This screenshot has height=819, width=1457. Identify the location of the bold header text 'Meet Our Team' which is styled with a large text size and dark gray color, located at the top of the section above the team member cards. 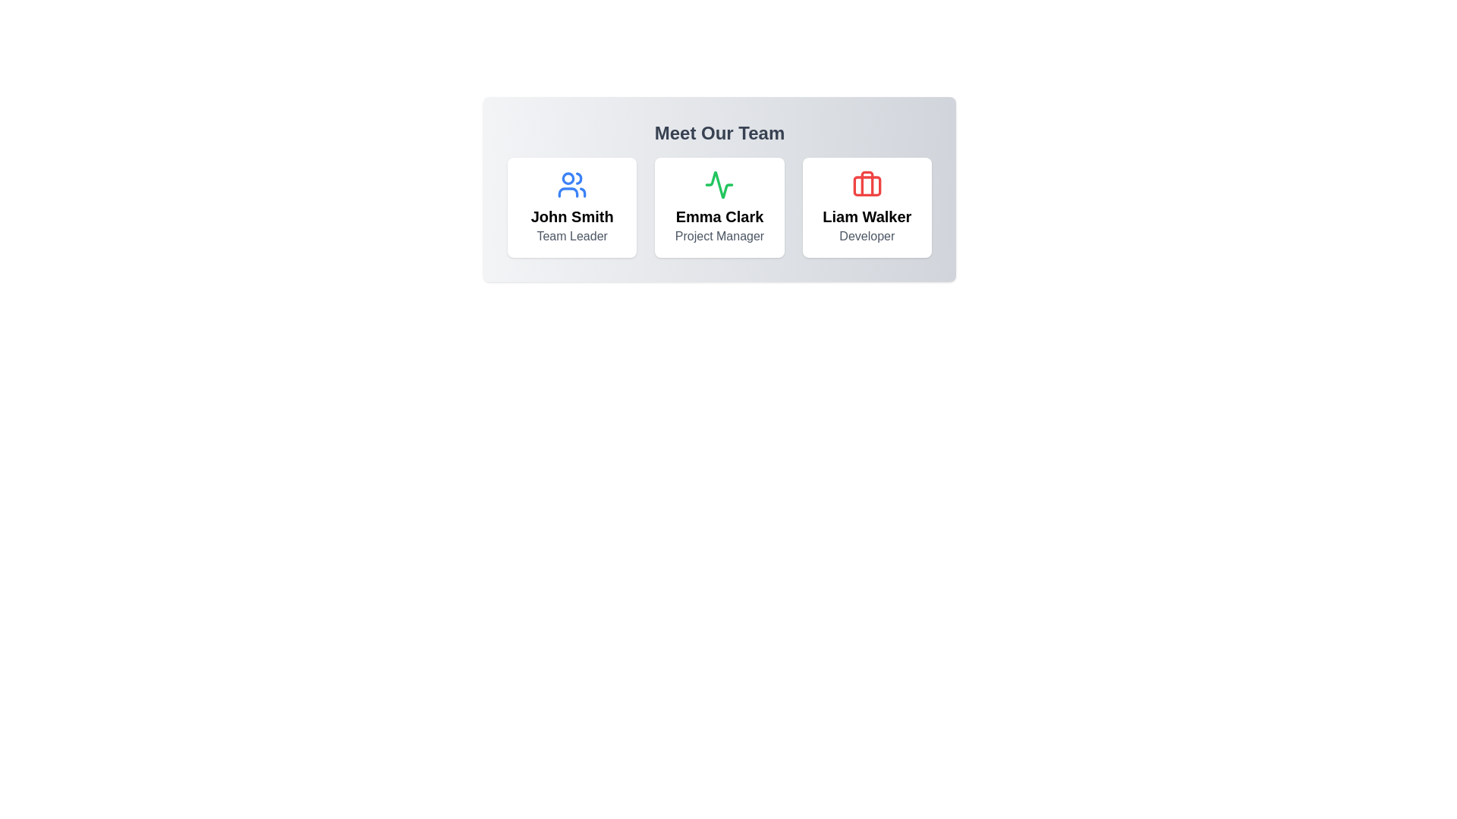
(719, 133).